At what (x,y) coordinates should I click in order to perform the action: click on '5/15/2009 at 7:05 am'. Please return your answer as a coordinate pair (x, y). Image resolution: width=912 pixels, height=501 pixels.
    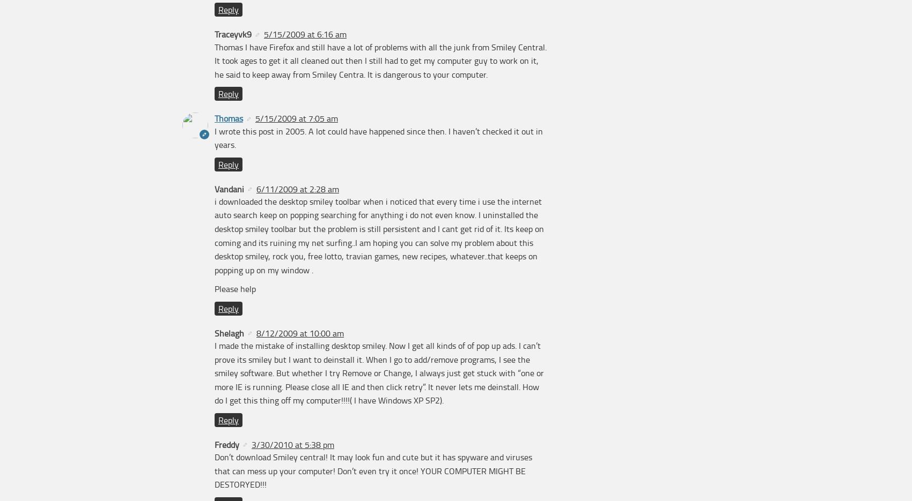
    Looking at the image, I should click on (296, 118).